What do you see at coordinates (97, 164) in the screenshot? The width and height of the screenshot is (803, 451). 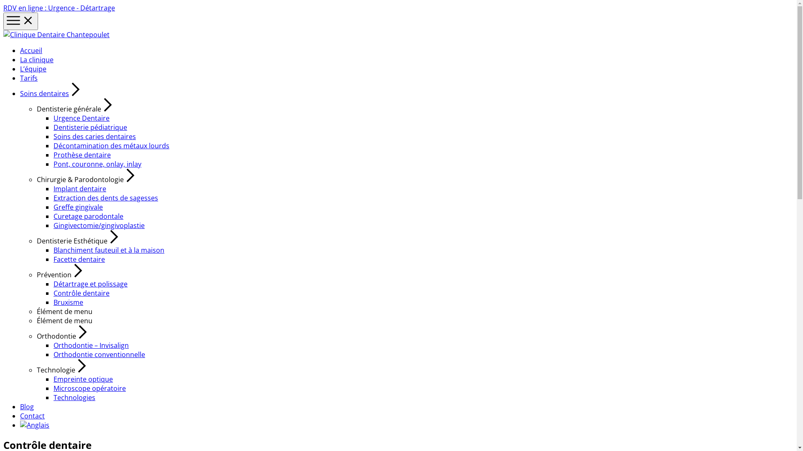 I see `'Pont, couronne, onlay, inlay'` at bounding box center [97, 164].